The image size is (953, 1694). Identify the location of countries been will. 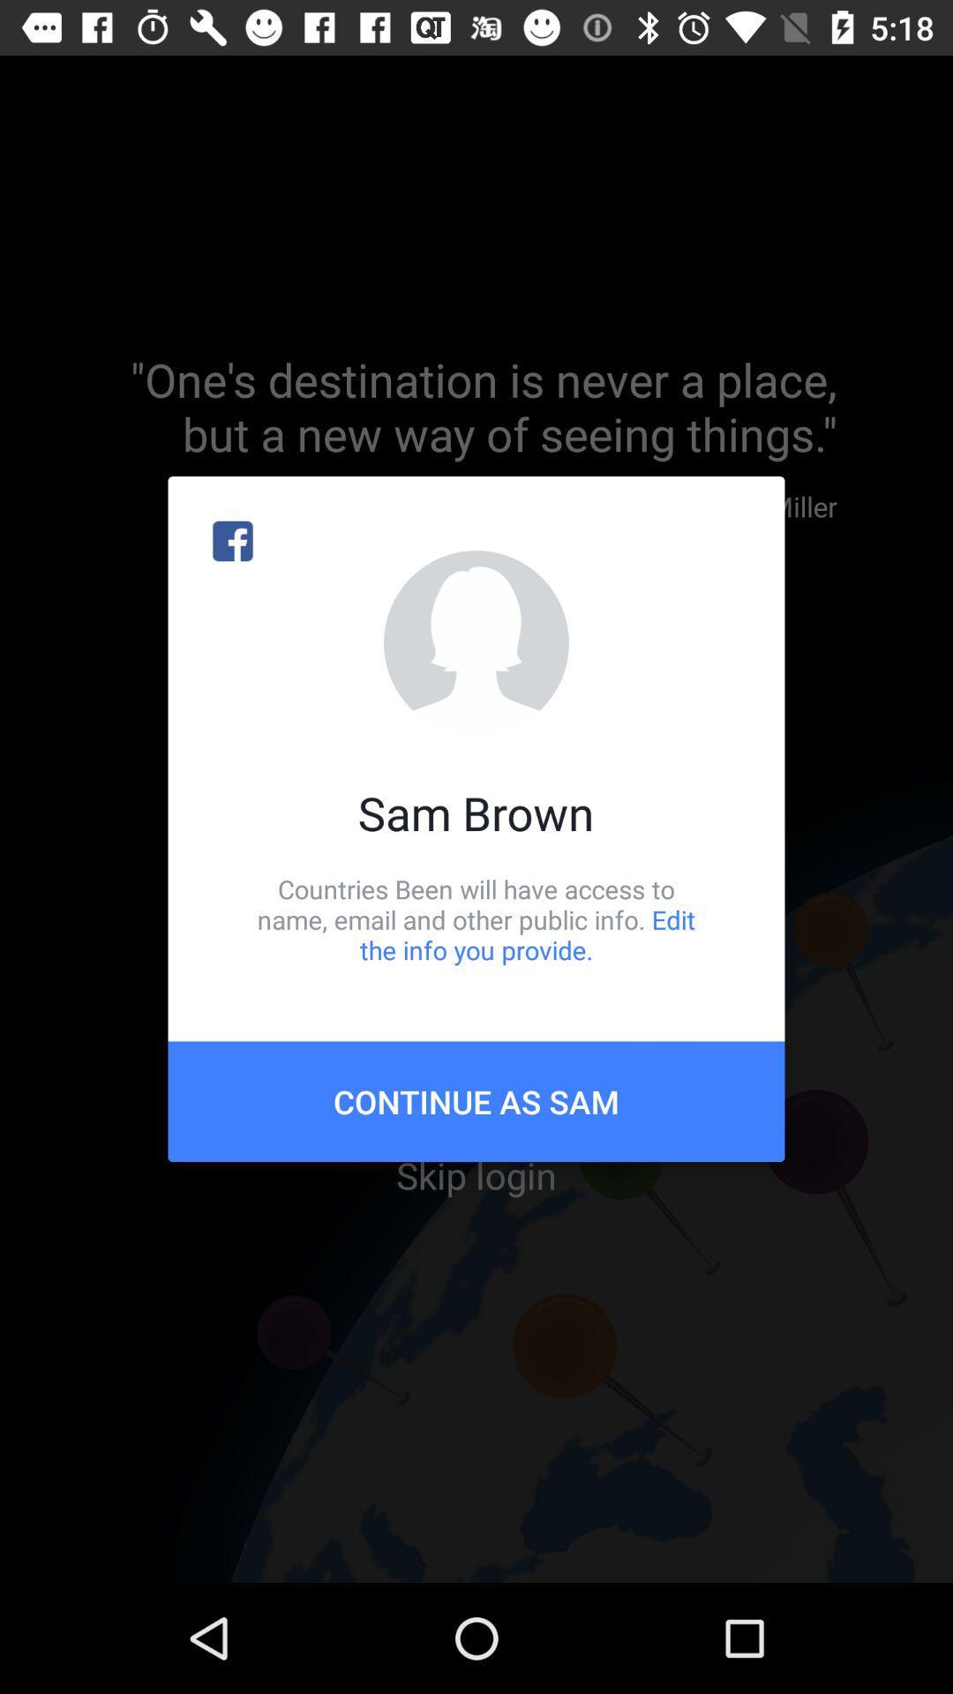
(476, 918).